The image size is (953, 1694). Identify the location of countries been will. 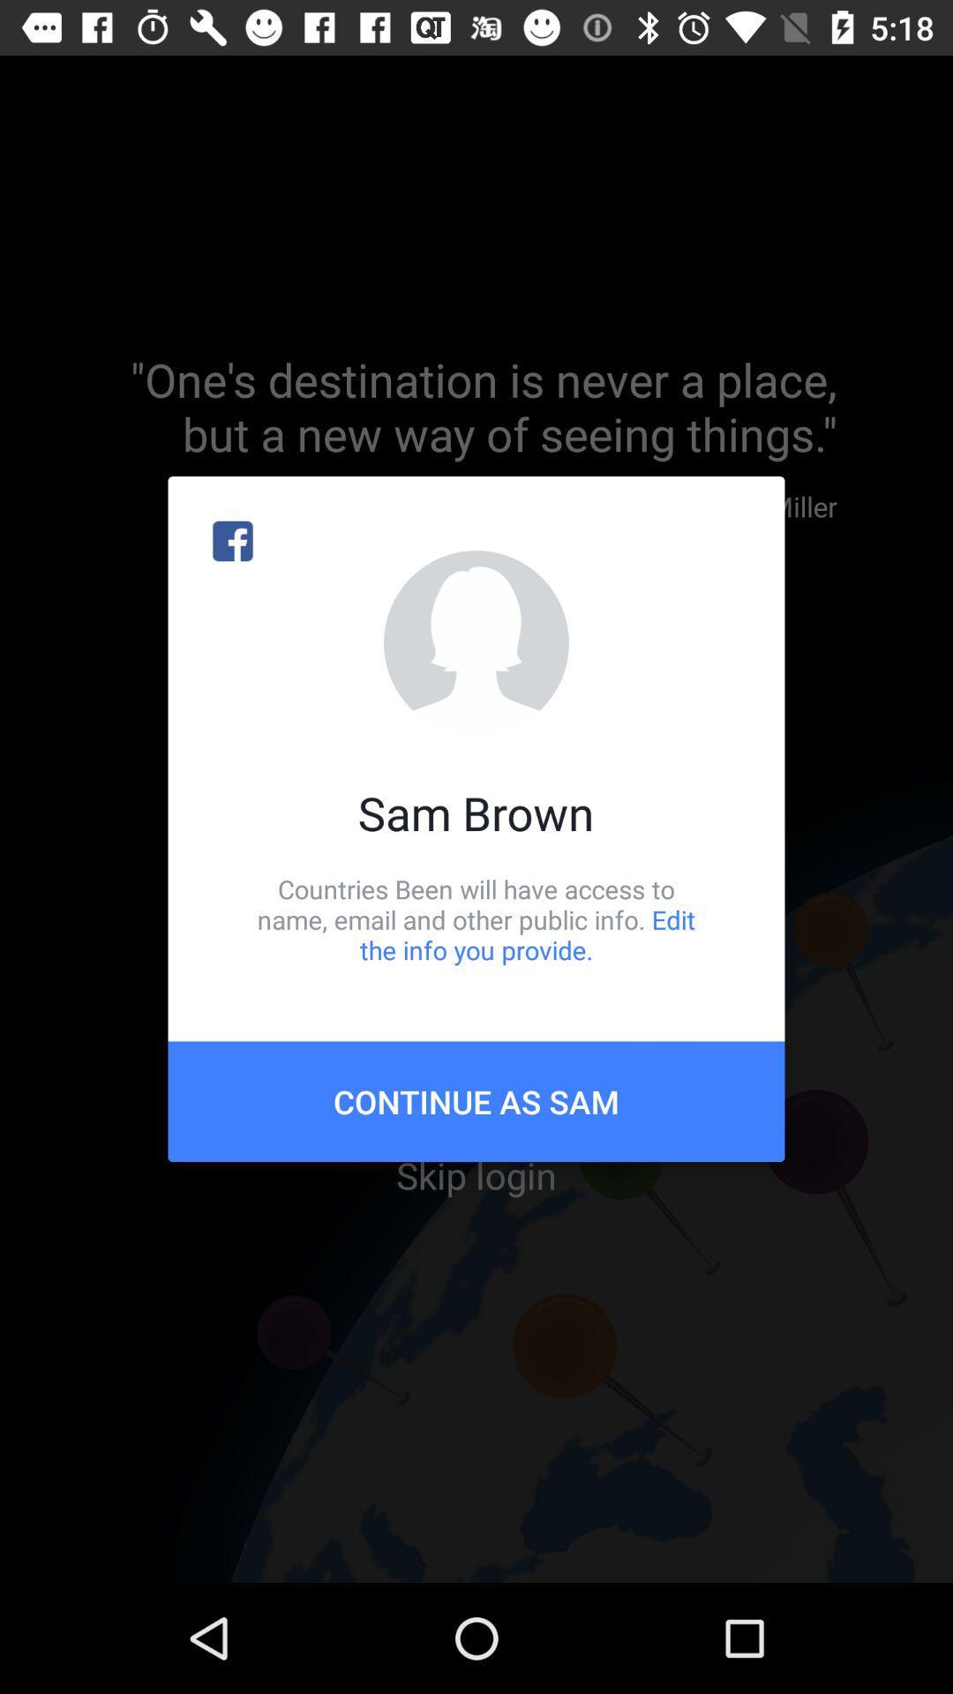
(476, 918).